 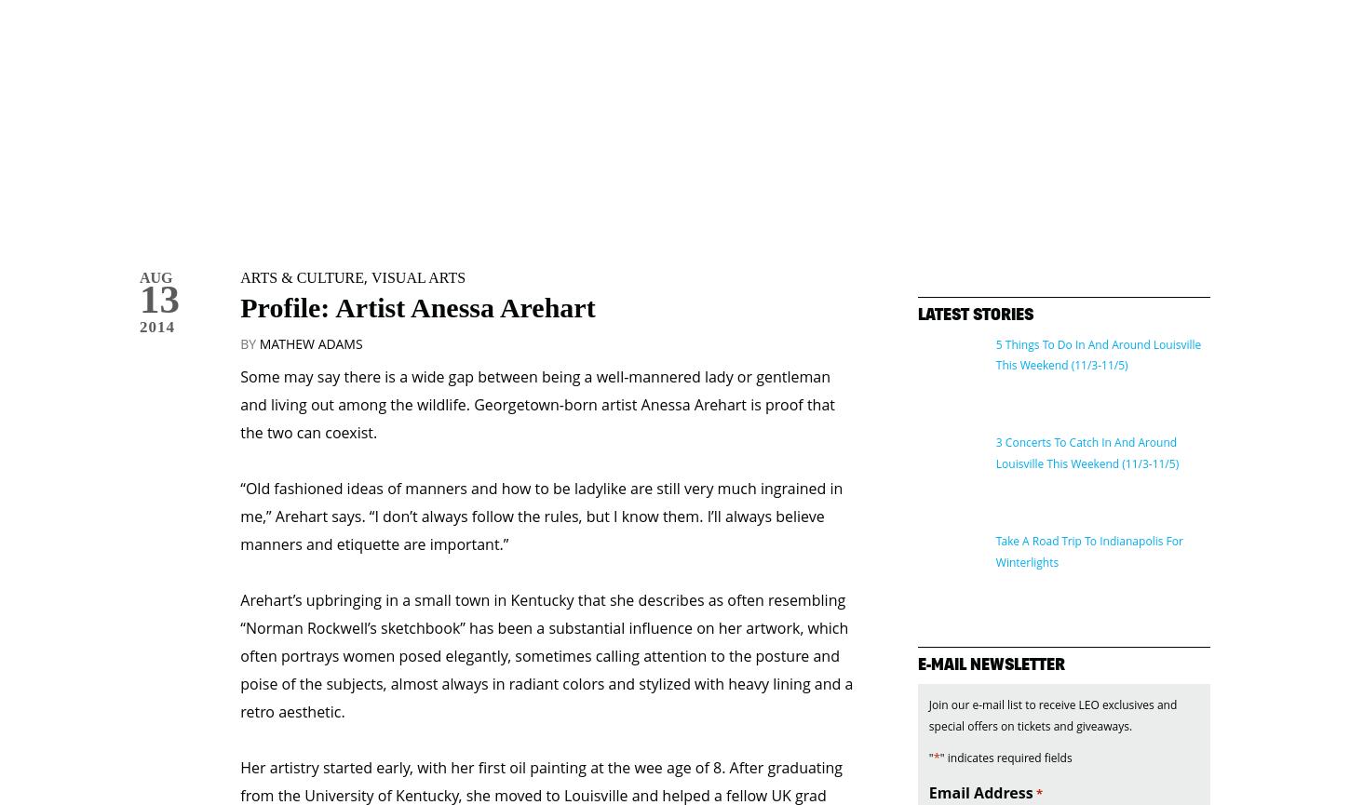 What do you see at coordinates (928, 678) in the screenshot?
I see `'"'` at bounding box center [928, 678].